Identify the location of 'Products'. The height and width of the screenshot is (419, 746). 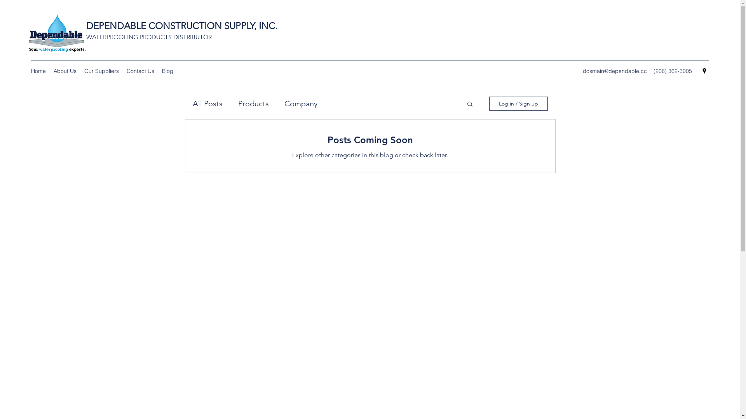
(253, 103).